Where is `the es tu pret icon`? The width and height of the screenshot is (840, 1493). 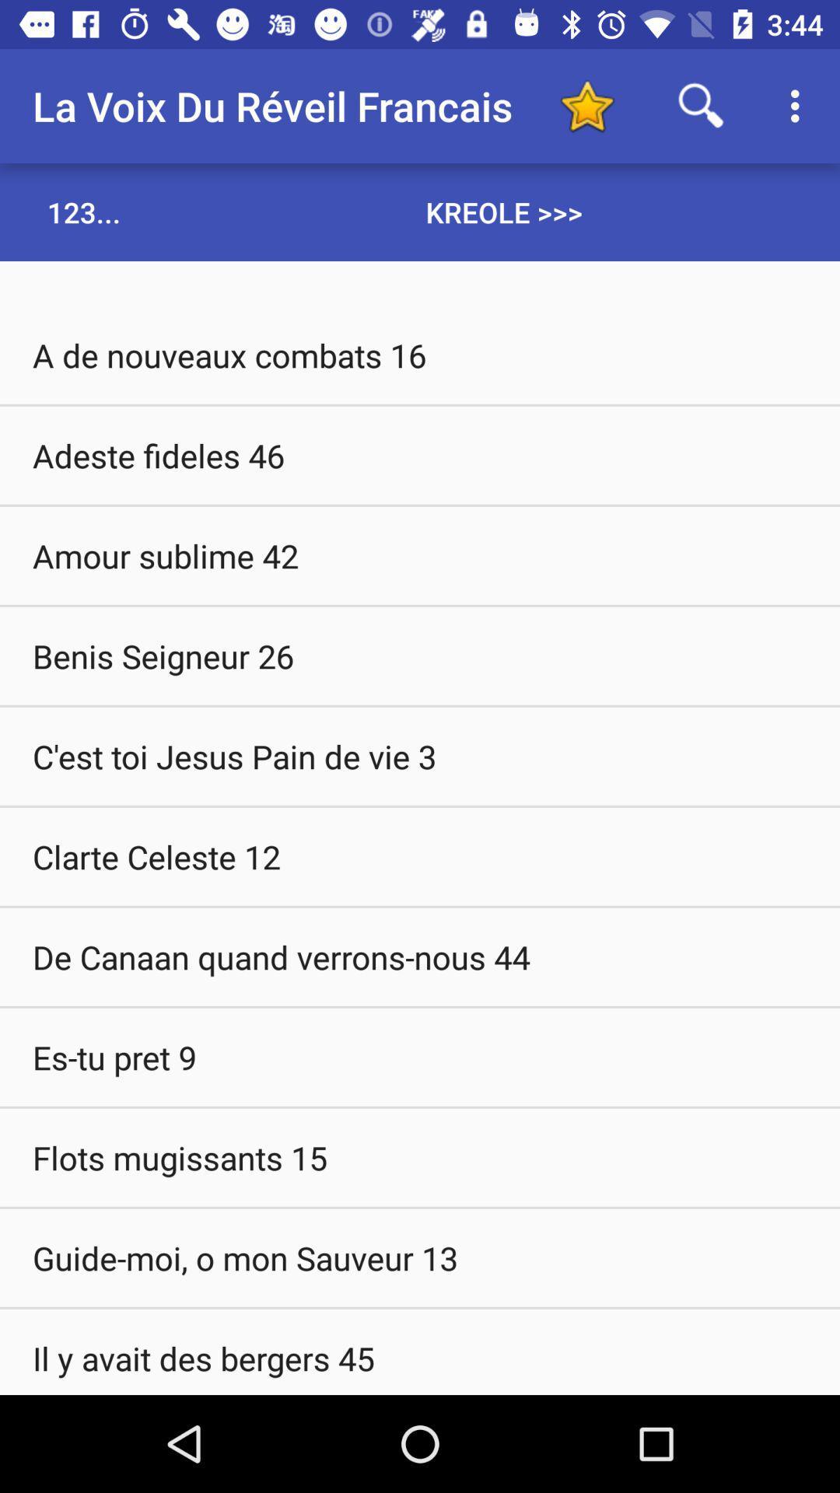
the es tu pret icon is located at coordinates (420, 1057).